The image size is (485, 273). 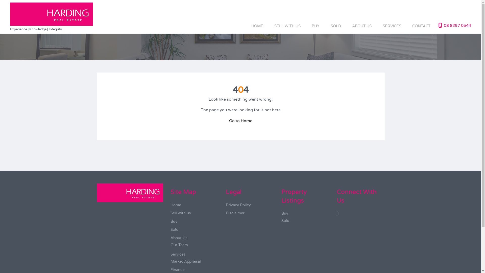 I want to click on 'ABOUT US', so click(x=361, y=26).